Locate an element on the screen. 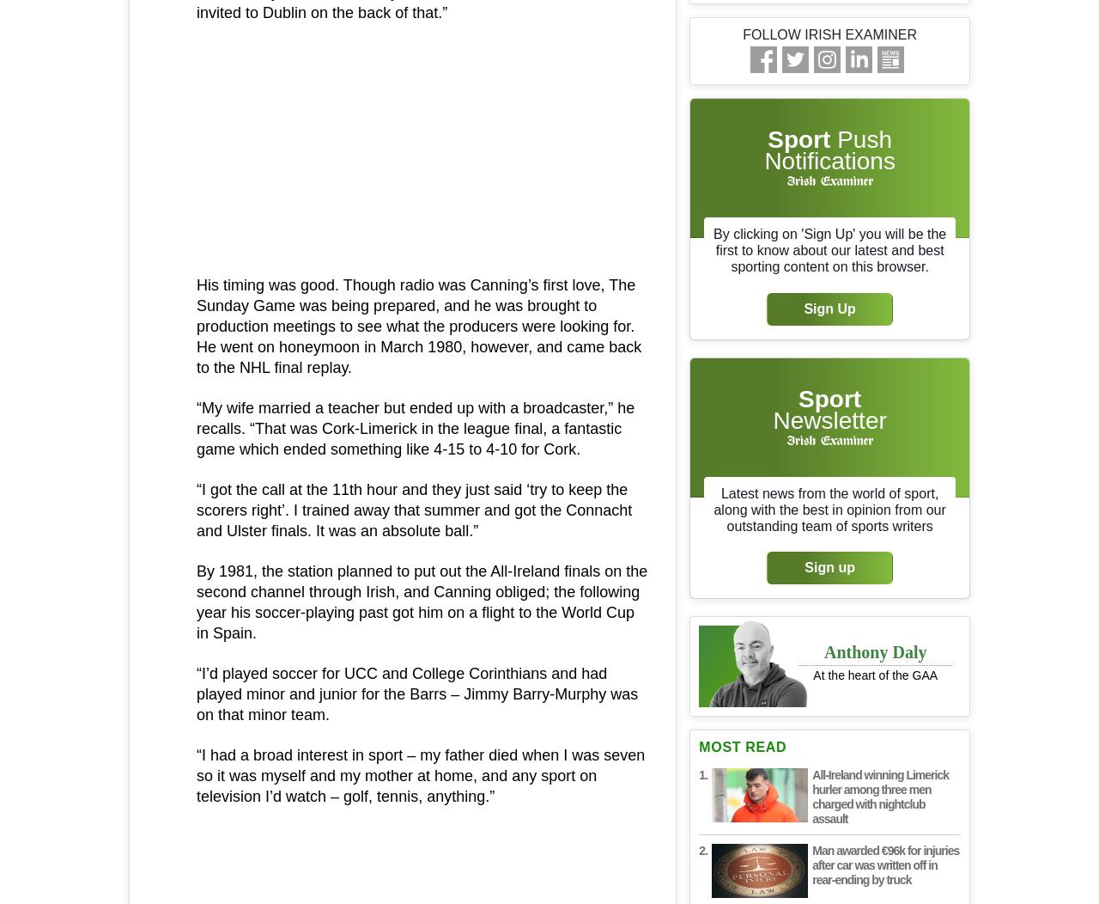 Image resolution: width=1099 pixels, height=904 pixels. 'Place: Ulster' is located at coordinates (204, 715).